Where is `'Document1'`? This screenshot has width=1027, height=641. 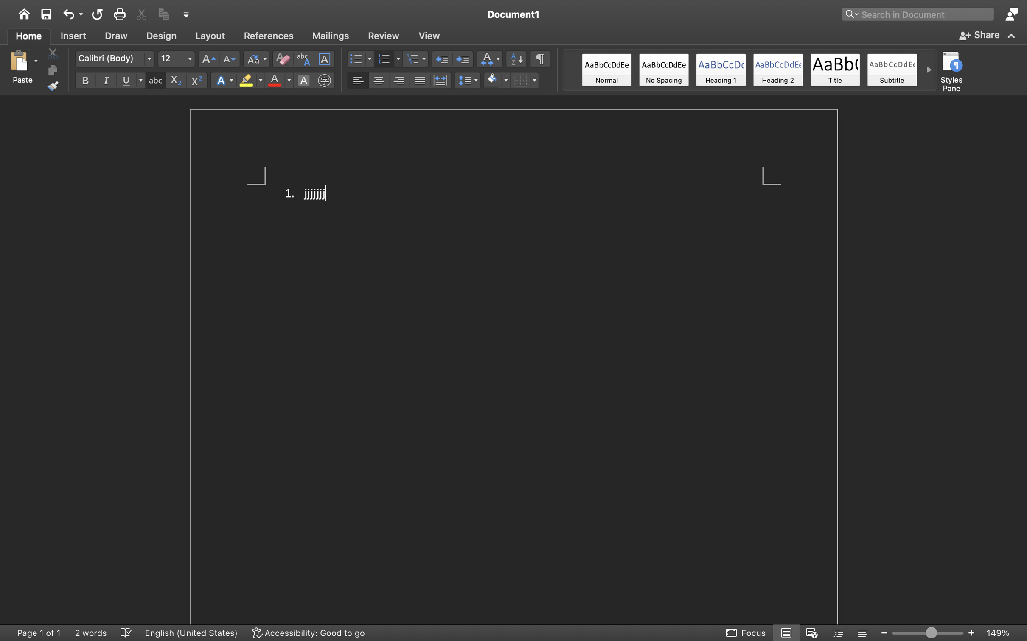 'Document1' is located at coordinates (513, 14).